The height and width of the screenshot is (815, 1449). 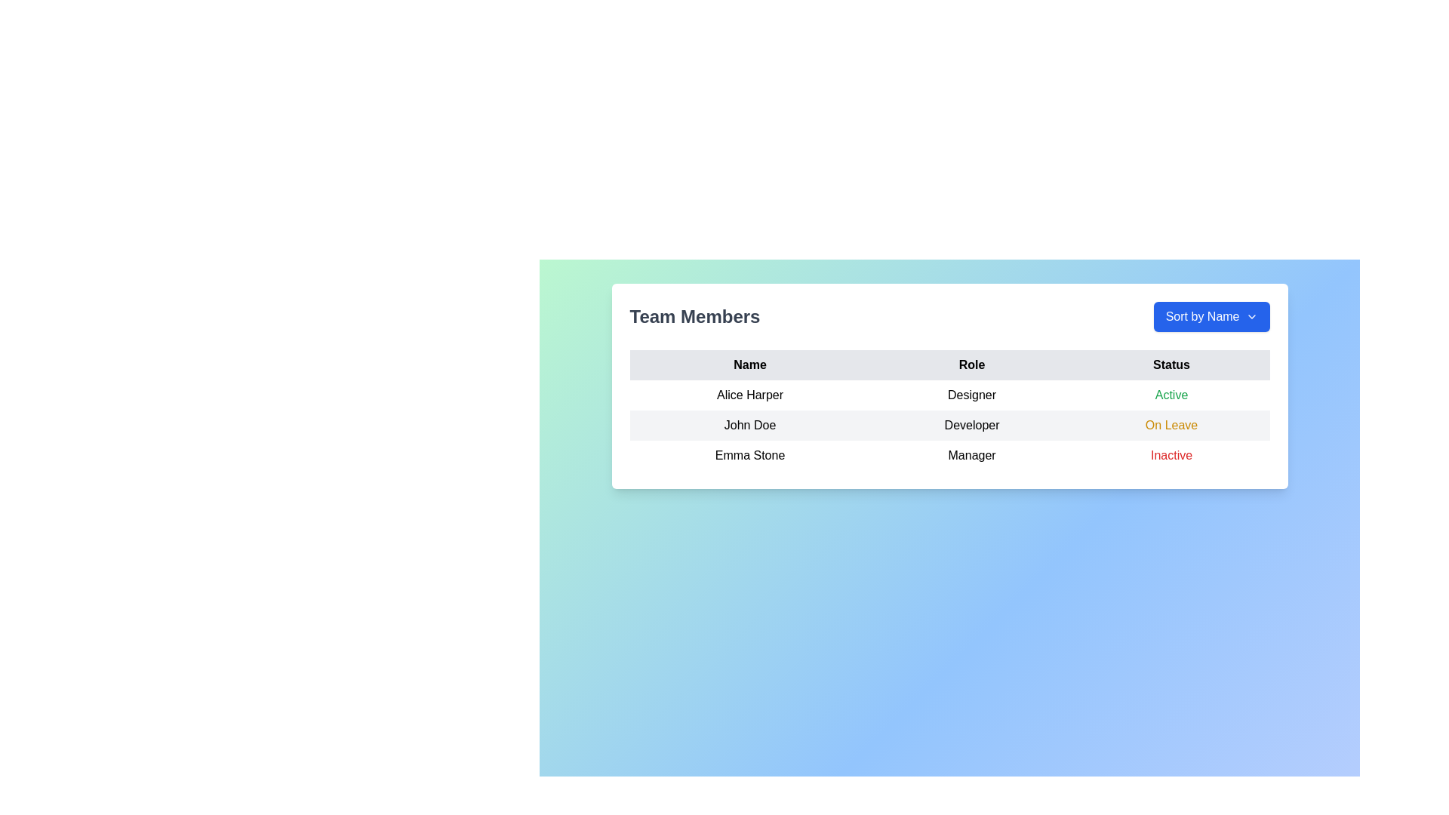 What do you see at coordinates (1171, 425) in the screenshot?
I see `text label displaying 'On Leave' in bold yellow font located in the third position of the table's row` at bounding box center [1171, 425].